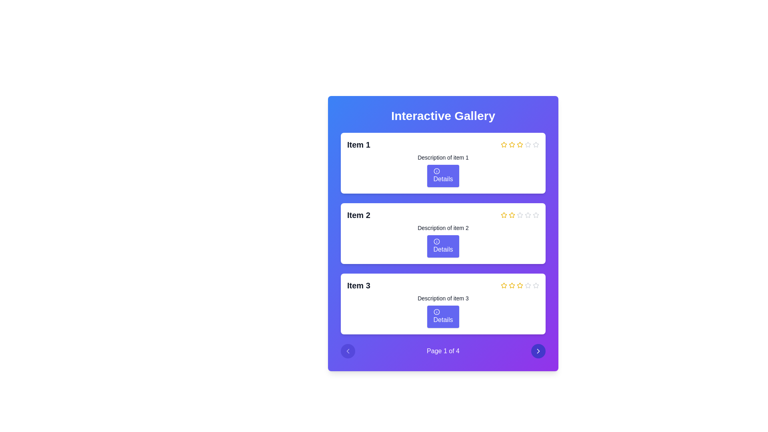  What do you see at coordinates (443, 175) in the screenshot?
I see `the 'Details' button, which is a rectangular button with rounded corners, vibrant indigo background, white text, and an icon on the left, located in the first item card towards the bottom-right corner` at bounding box center [443, 175].